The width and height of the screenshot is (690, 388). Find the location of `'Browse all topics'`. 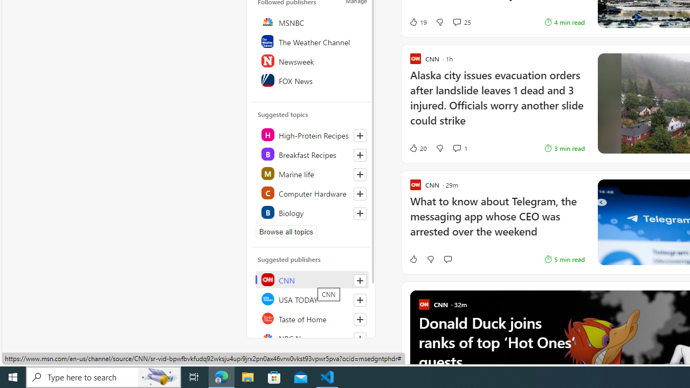

'Browse all topics' is located at coordinates (286, 231).